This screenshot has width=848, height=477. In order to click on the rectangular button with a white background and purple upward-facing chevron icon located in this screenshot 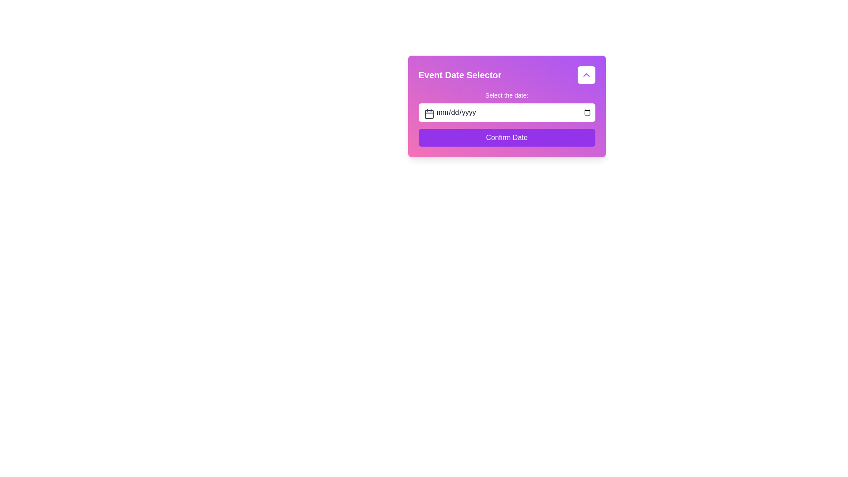, I will do `click(586, 74)`.